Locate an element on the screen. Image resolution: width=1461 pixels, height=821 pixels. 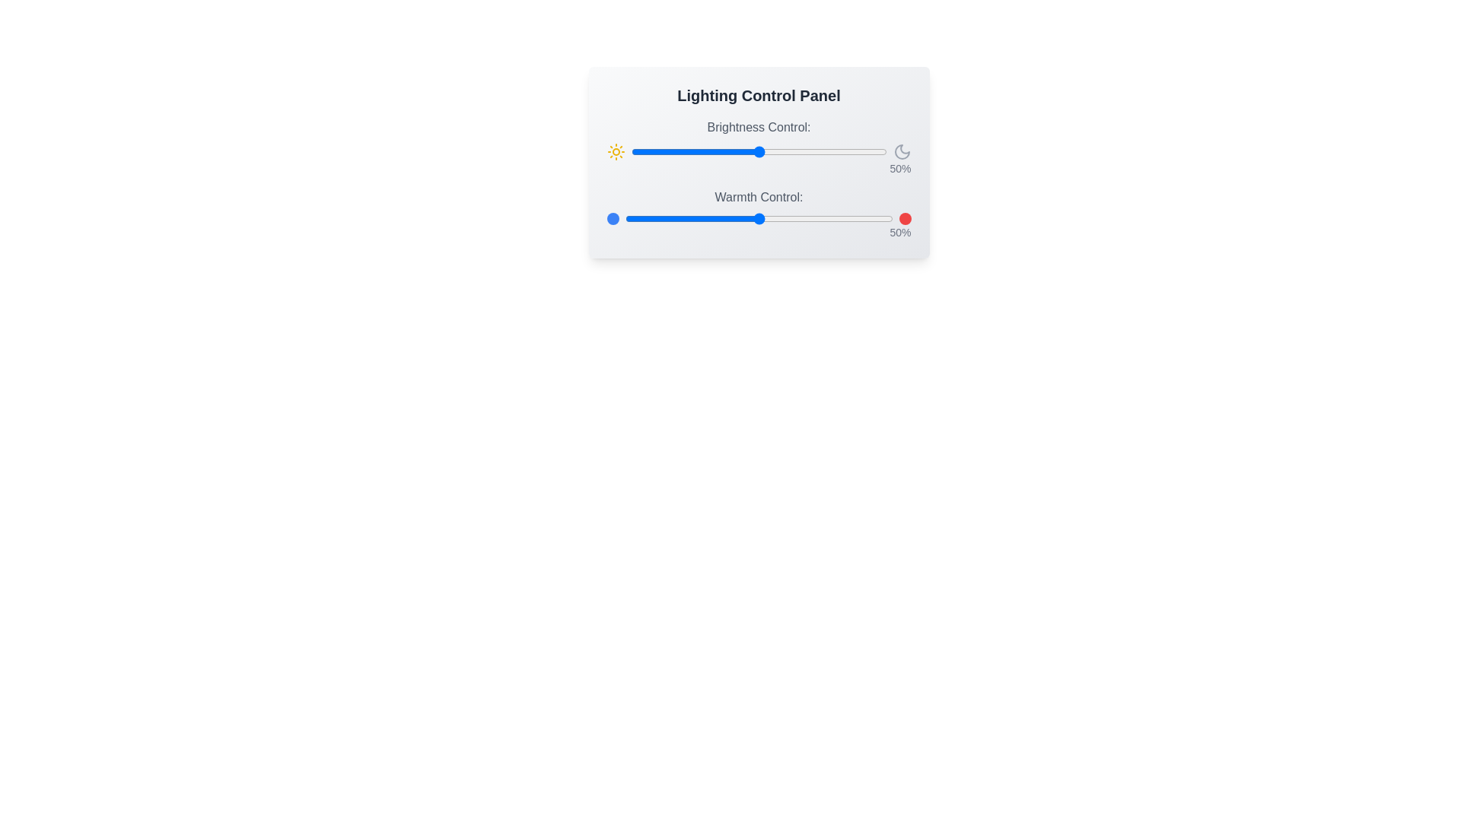
brightness is located at coordinates (824, 152).